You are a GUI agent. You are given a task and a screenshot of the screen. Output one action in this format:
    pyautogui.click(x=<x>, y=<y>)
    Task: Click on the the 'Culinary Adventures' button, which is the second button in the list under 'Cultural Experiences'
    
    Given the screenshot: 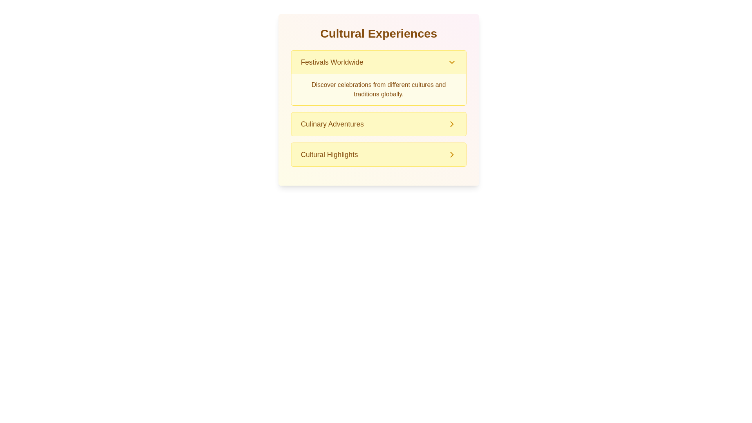 What is the action you would take?
    pyautogui.click(x=378, y=123)
    